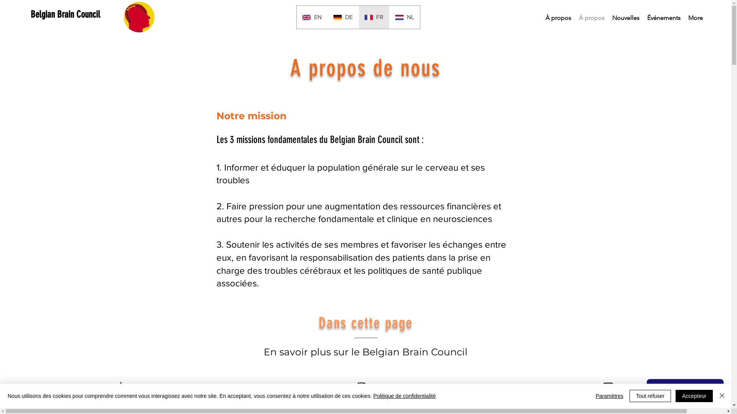  Describe the element at coordinates (374, 17) in the screenshot. I see `'FR'` at that location.